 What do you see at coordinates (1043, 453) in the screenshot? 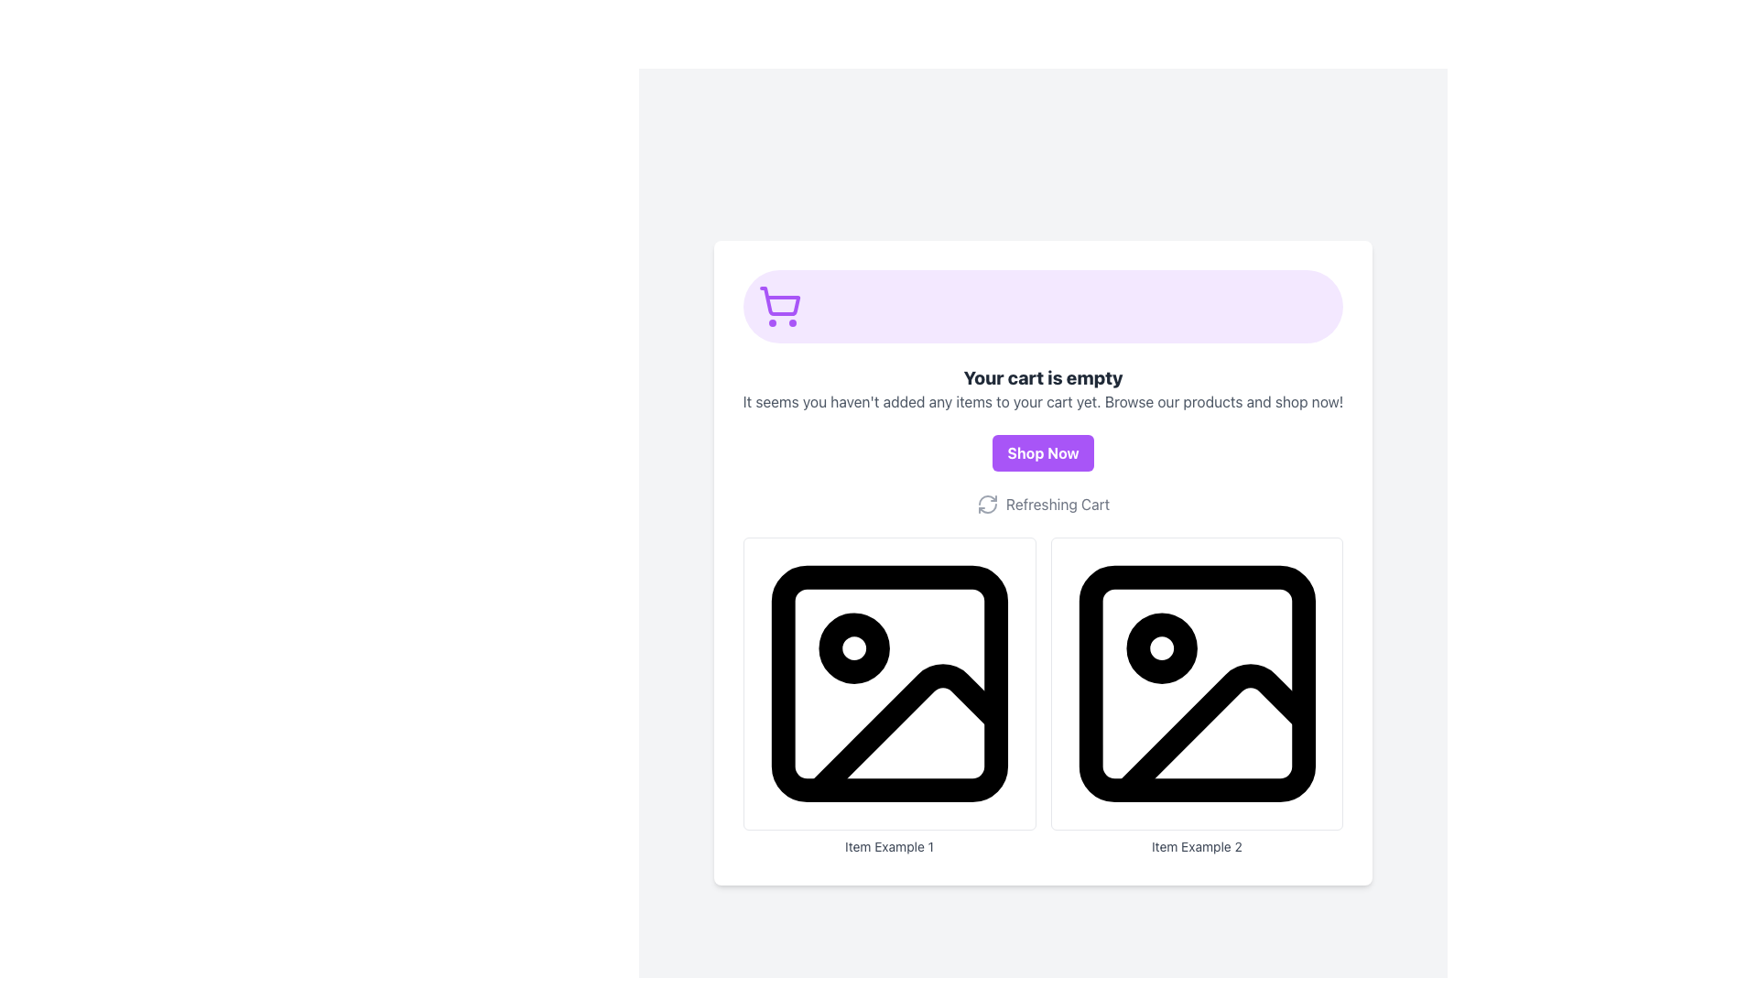
I see `the 'Shop Now' button, which is a rectangular button with rounded corners, labeled in bold white text against a purple background, located below the message about the cart` at bounding box center [1043, 453].